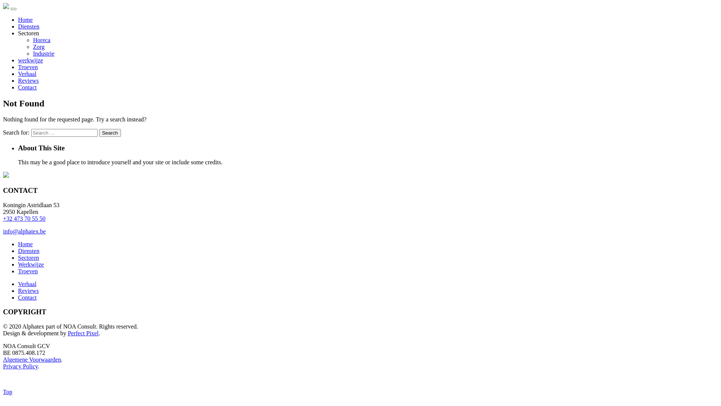 Image resolution: width=721 pixels, height=406 pixels. What do you see at coordinates (28, 271) in the screenshot?
I see `'Troeven'` at bounding box center [28, 271].